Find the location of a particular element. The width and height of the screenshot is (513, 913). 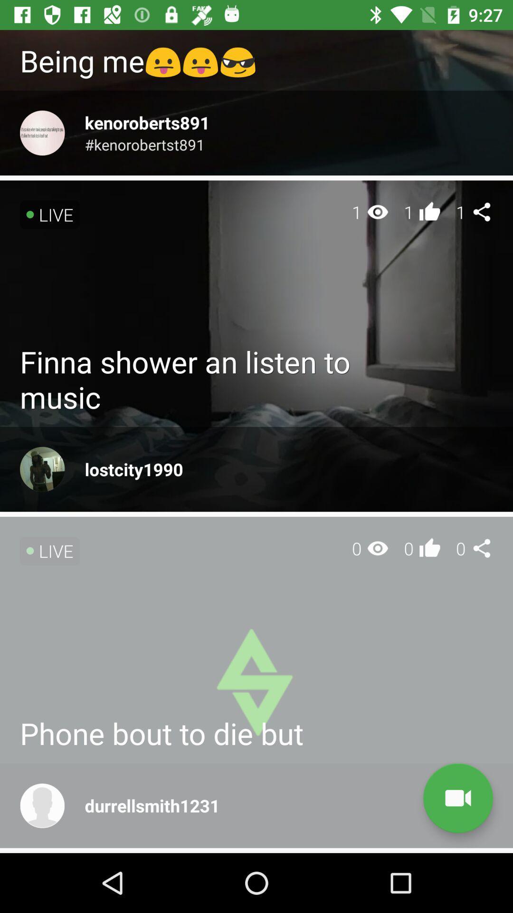

the videocam icon is located at coordinates (457, 798).